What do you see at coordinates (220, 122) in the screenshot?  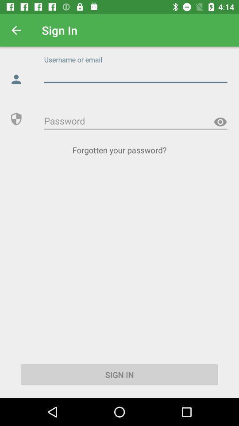 I see `password` at bounding box center [220, 122].